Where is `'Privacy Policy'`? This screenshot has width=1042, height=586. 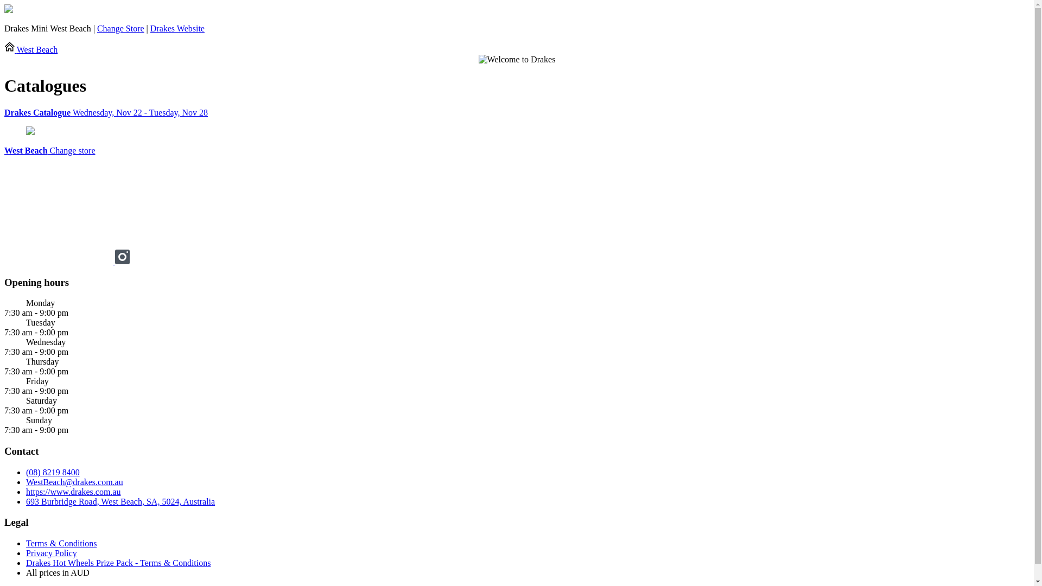
'Privacy Policy' is located at coordinates (51, 553).